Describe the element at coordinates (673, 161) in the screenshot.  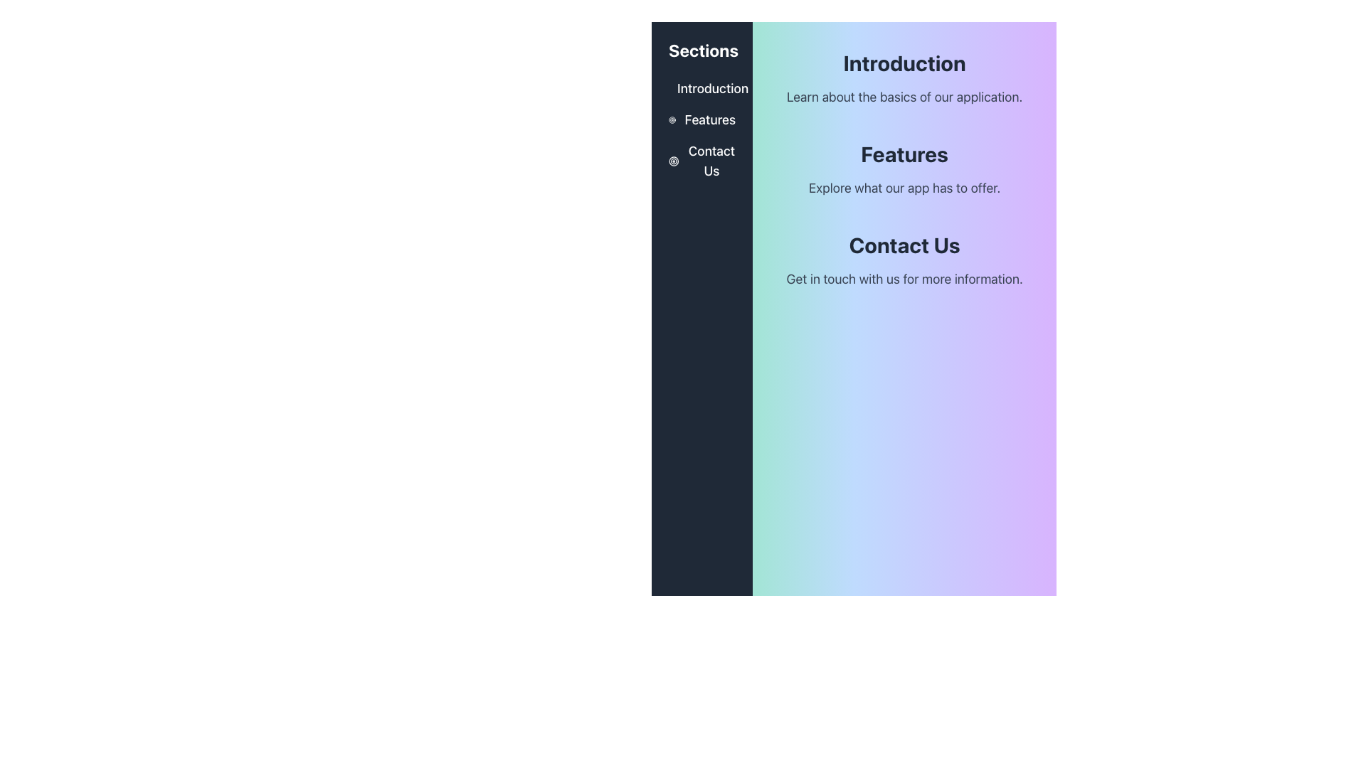
I see `the 'Contact Us' icon located directly to the left of the 'Contact Us' text in the navigation list on the dark left panel` at that location.